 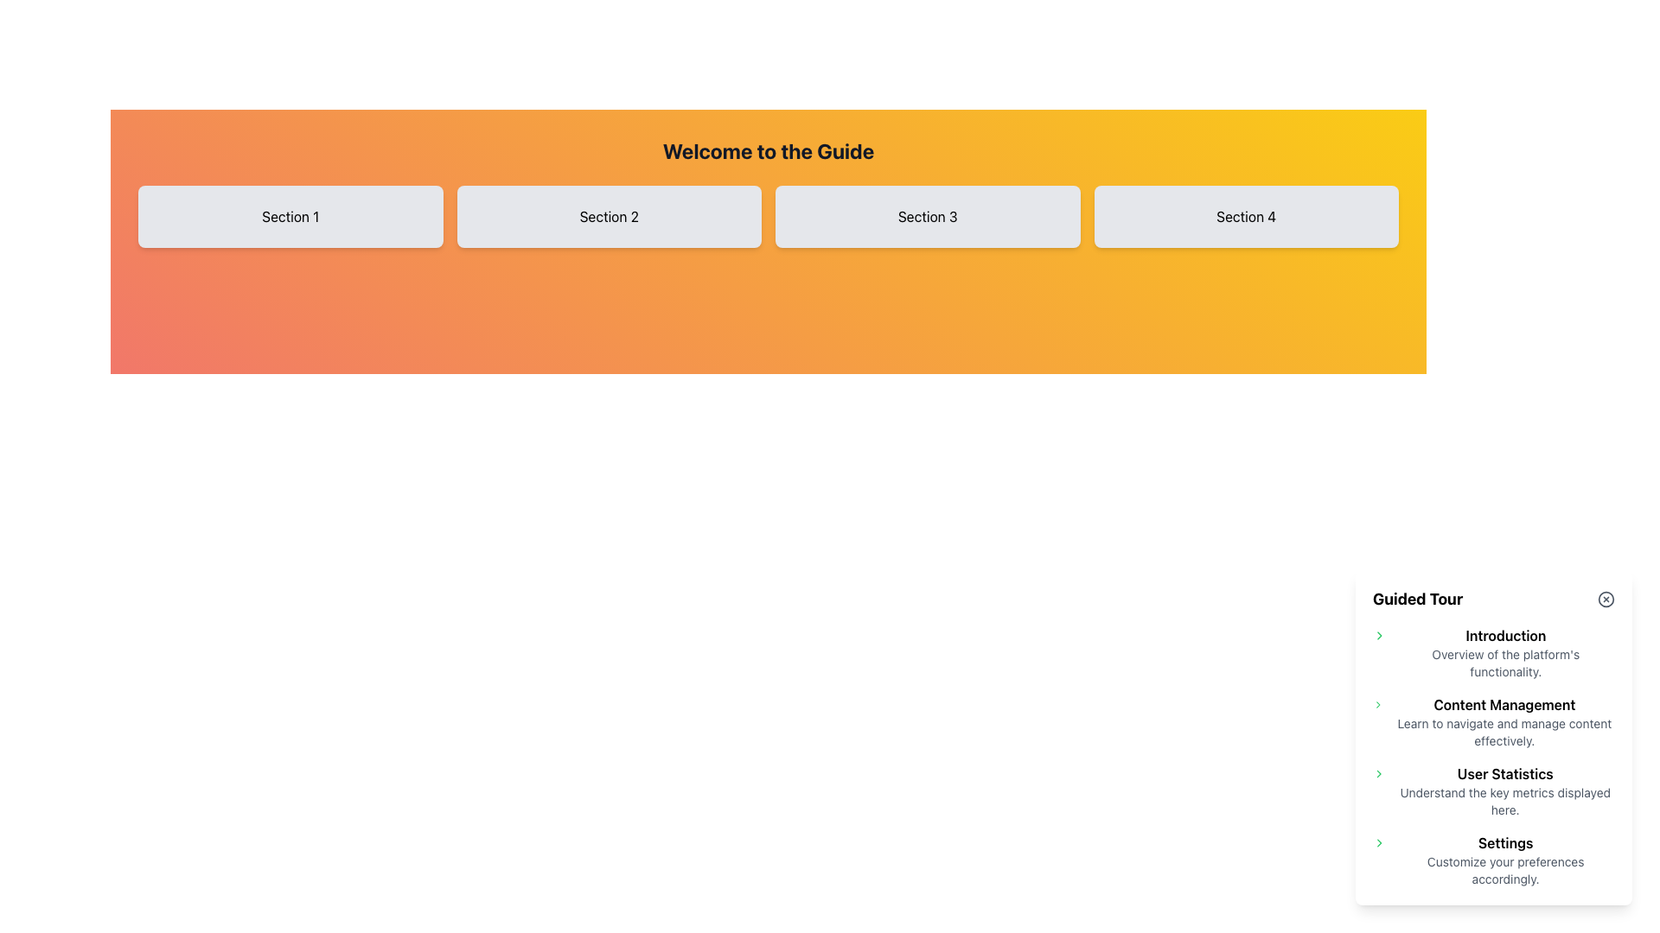 What do you see at coordinates (1504, 722) in the screenshot?
I see `the second item in the vertical list of options under the 'Guided Tour' section, which serves as a navigation link or informational item guiding users to manage and navigate data effectively` at bounding box center [1504, 722].